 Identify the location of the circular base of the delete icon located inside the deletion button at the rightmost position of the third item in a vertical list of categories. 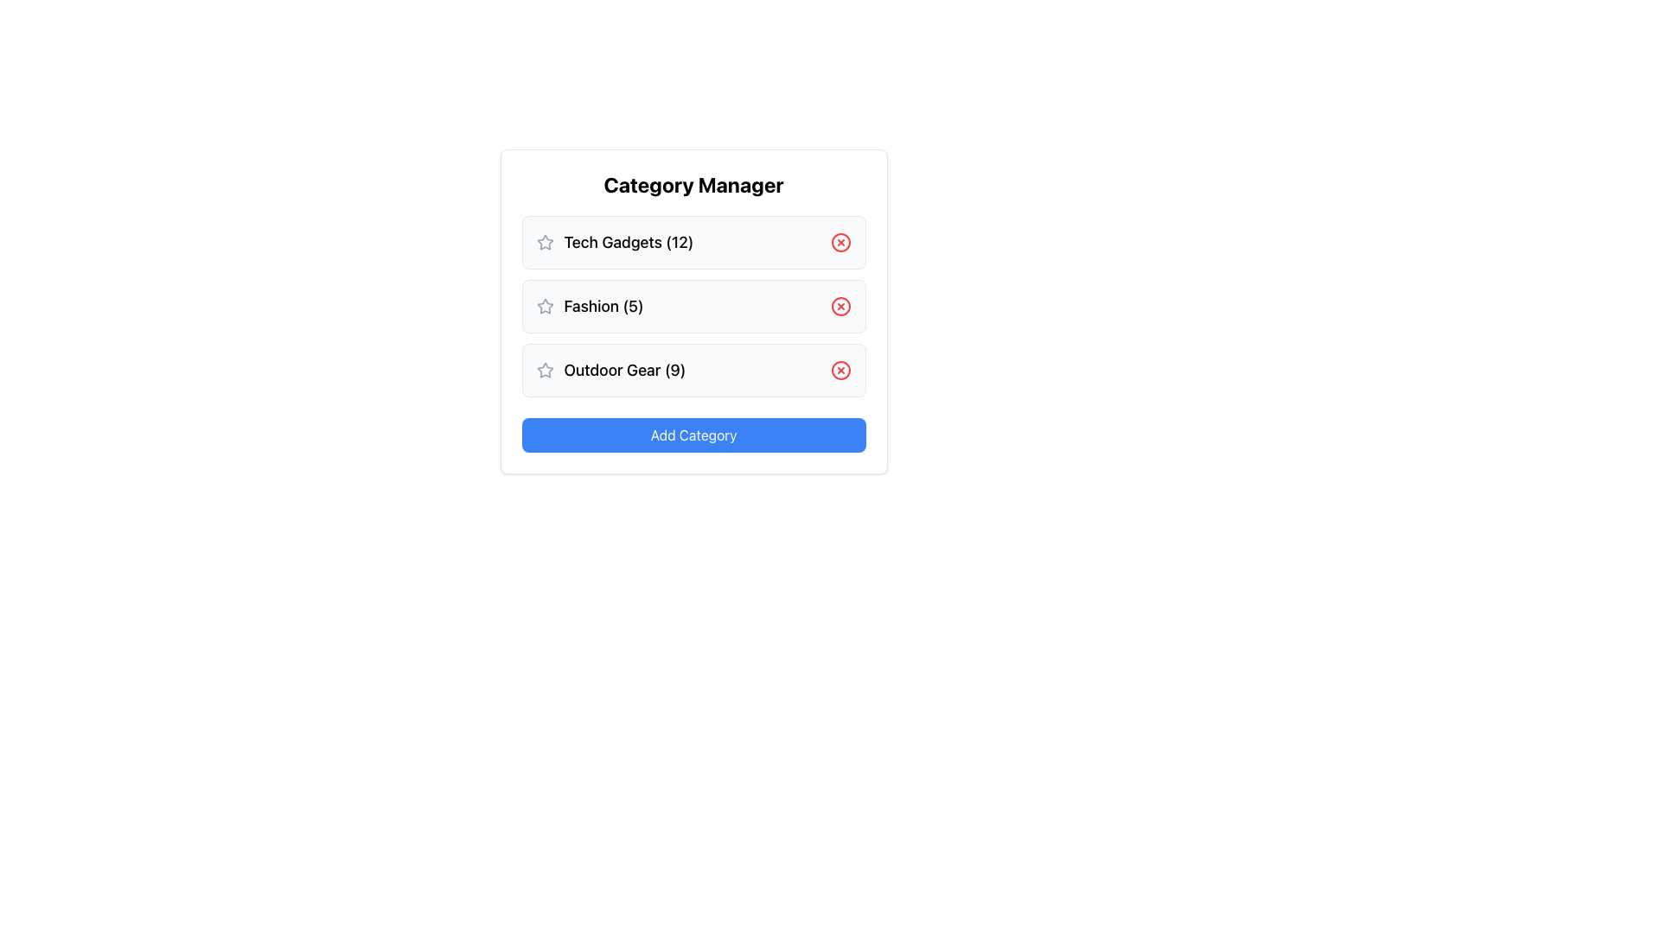
(840, 369).